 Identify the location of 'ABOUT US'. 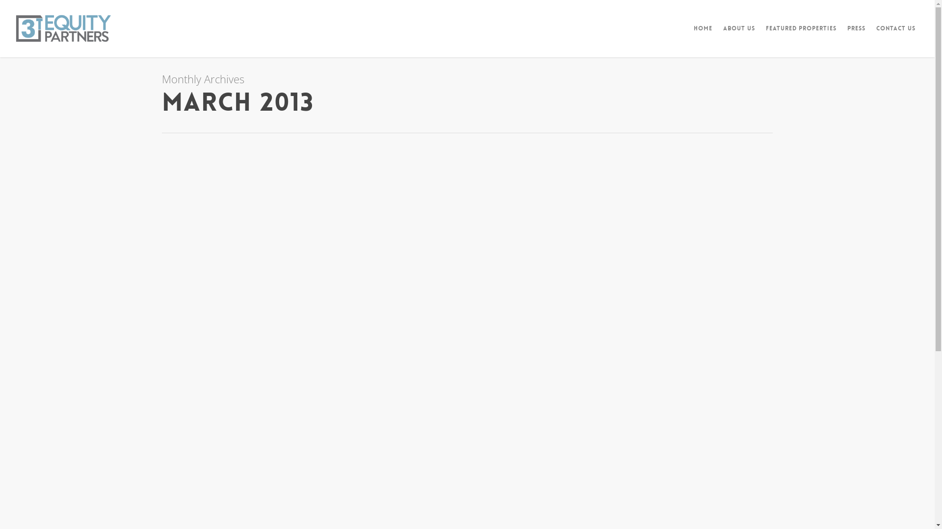
(718, 35).